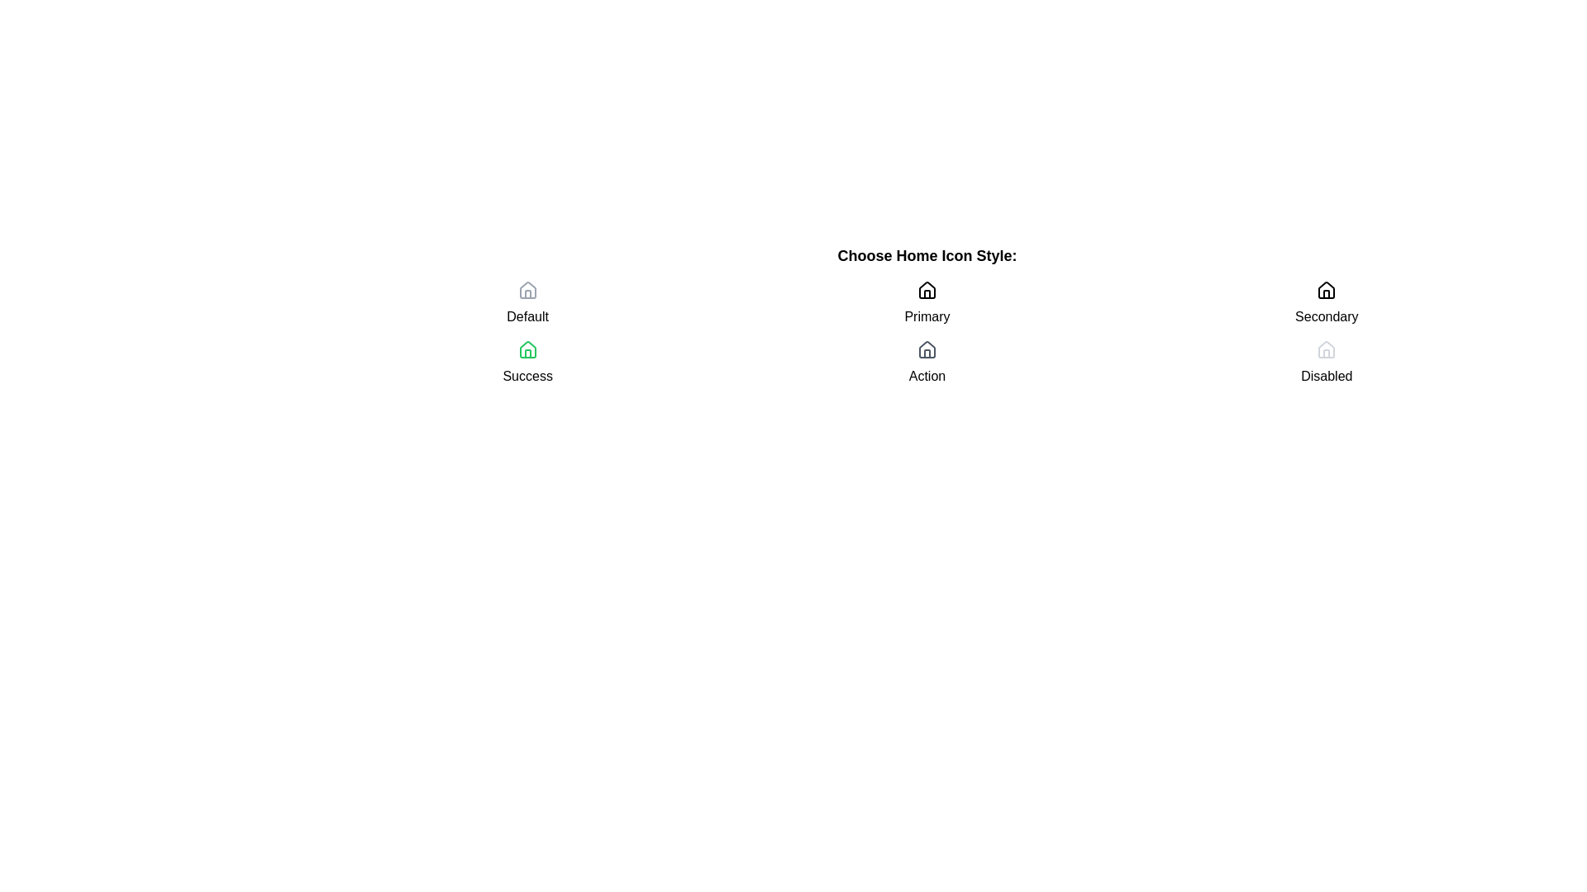 The height and width of the screenshot is (892, 1587). I want to click on the Icon with Text Label that features a green house icon and the label 'Success', located in the second row of the grid beneath 'Default', so click(527, 362).